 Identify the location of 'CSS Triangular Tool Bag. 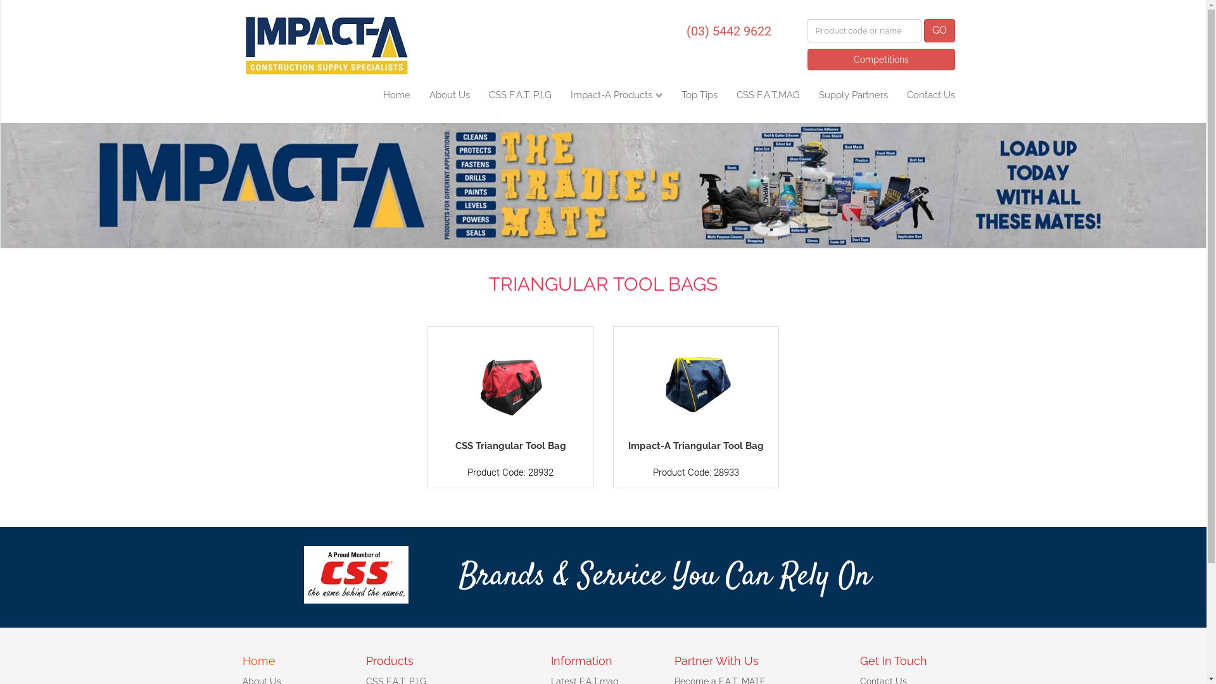
(510, 407).